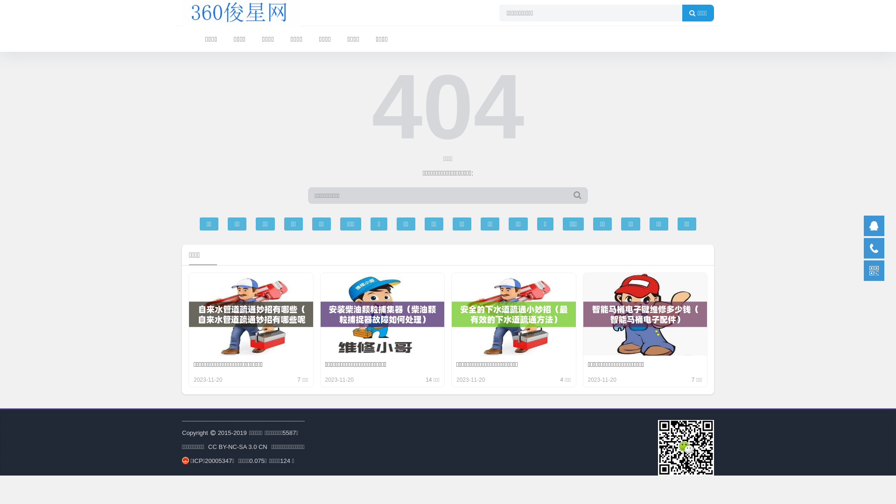  Describe the element at coordinates (238, 446) in the screenshot. I see `'CC BY-NC-SA 3.0 CN'` at that location.